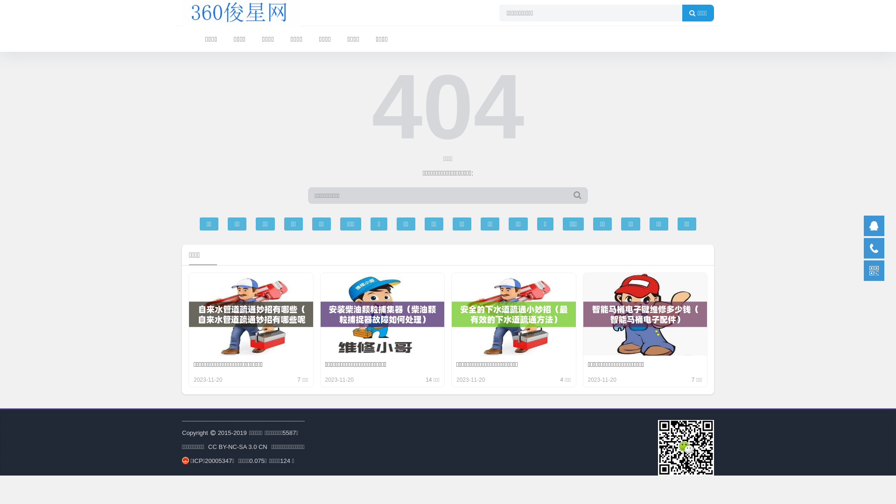  Describe the element at coordinates (238, 446) in the screenshot. I see `'CC BY-NC-SA 3.0 CN'` at that location.